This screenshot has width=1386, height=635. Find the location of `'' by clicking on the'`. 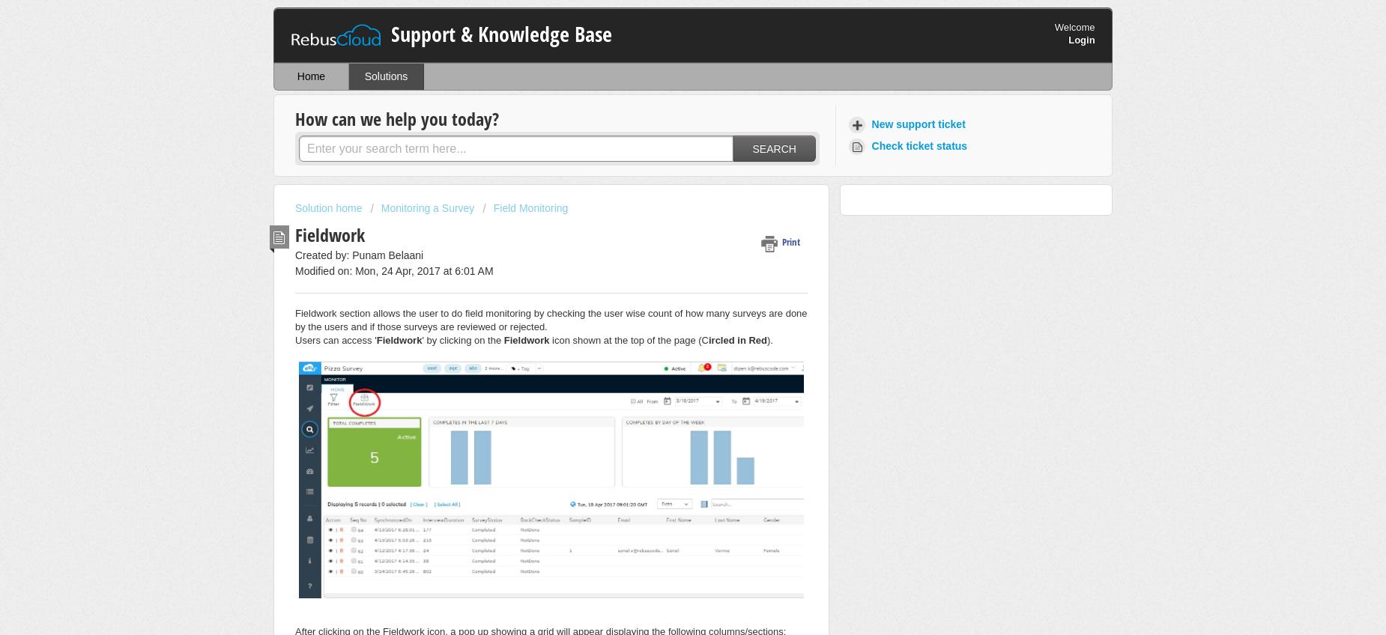

'' by clicking on the' is located at coordinates (462, 338).